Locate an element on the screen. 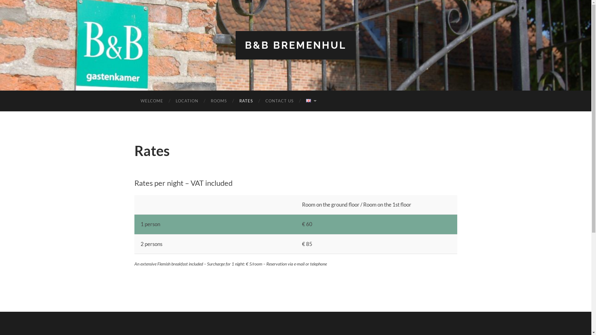 This screenshot has width=596, height=335. 'ROOMS' is located at coordinates (219, 100).